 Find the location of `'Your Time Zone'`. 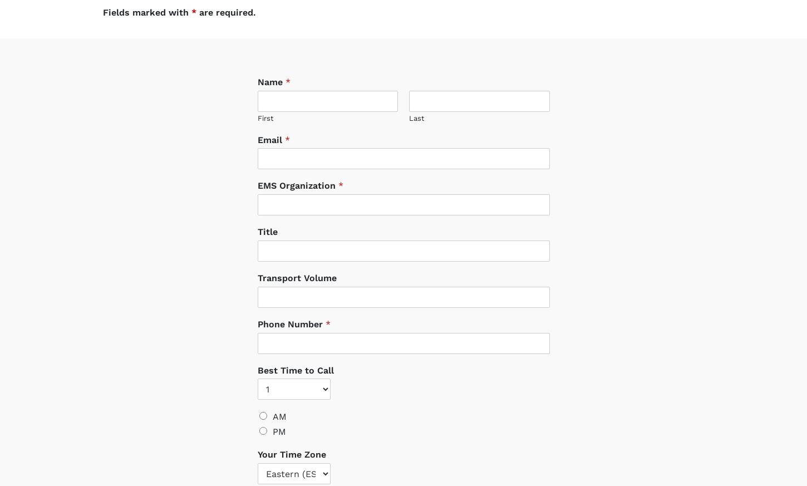

'Your Time Zone' is located at coordinates (291, 444).